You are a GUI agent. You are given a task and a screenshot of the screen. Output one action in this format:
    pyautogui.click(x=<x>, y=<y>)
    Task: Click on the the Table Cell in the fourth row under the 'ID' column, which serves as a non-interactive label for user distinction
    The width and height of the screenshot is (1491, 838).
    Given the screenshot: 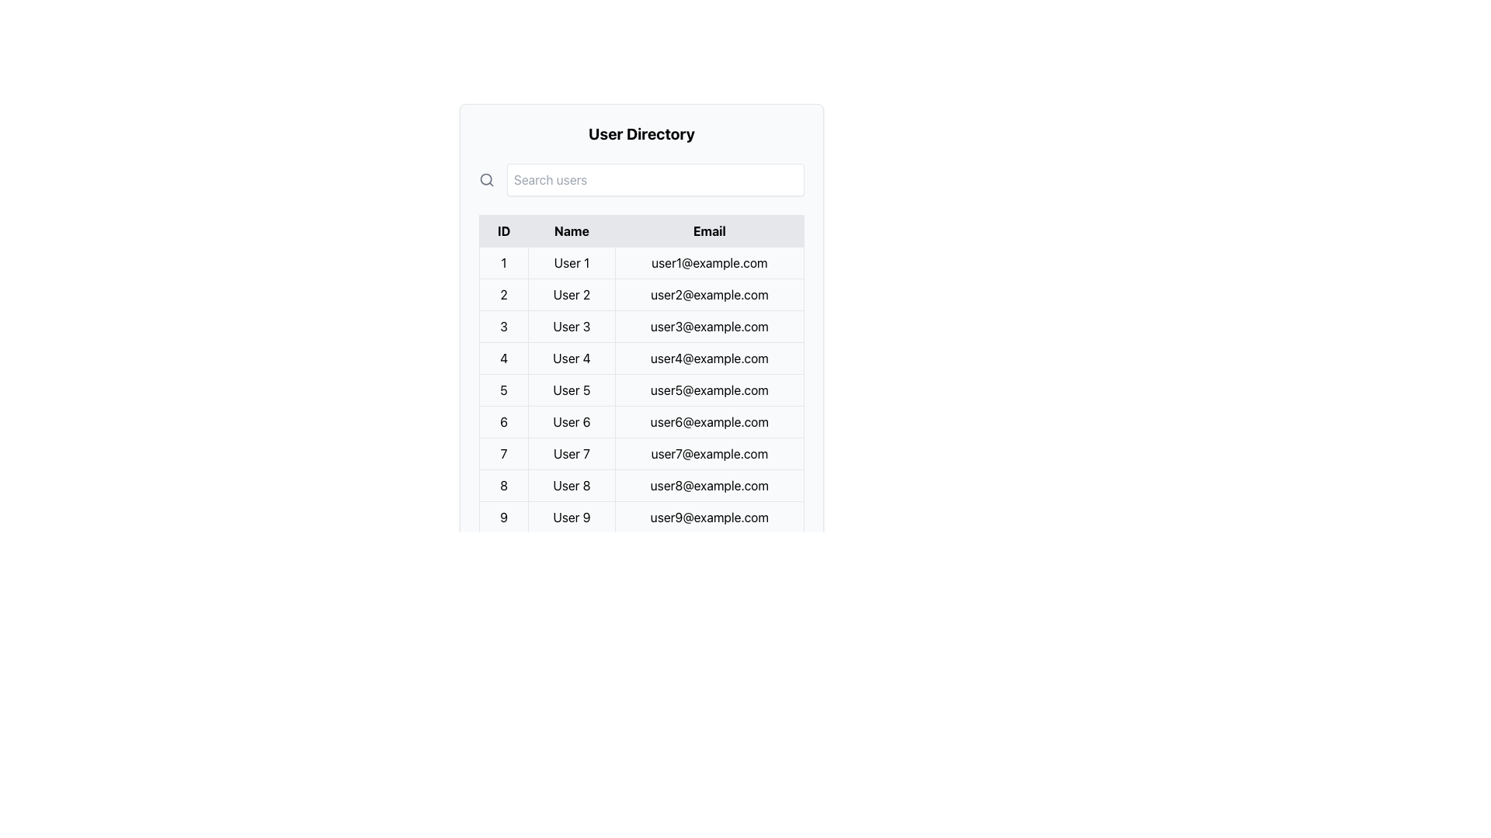 What is the action you would take?
    pyautogui.click(x=503, y=358)
    